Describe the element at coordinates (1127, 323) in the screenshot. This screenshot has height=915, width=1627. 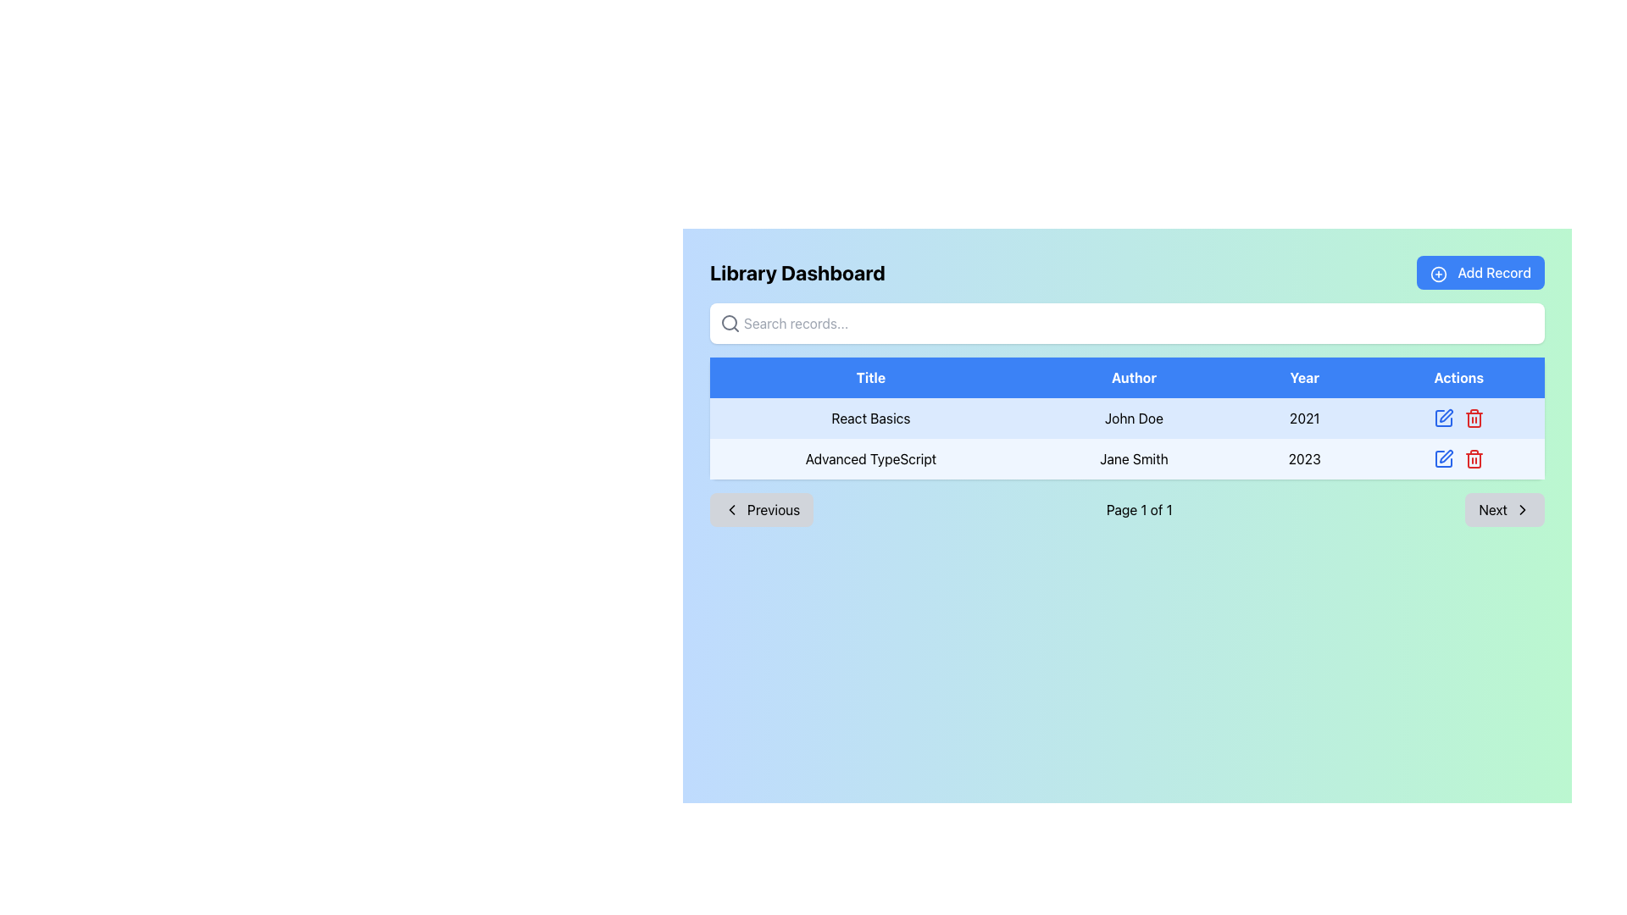
I see `the search bar located below the 'Library Dashboard' title section` at that location.